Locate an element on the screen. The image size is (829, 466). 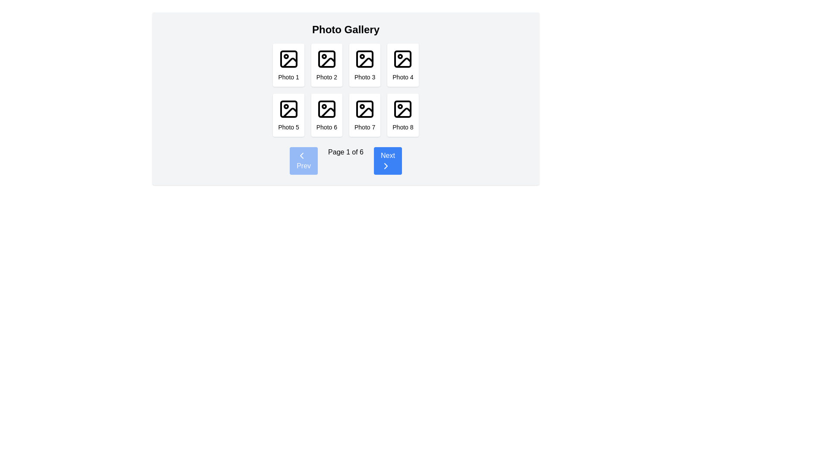
the small square shape with rounded corners located inside the photo icon of 'Photo 2', which is the second item in the image grid is located at coordinates (326, 59).